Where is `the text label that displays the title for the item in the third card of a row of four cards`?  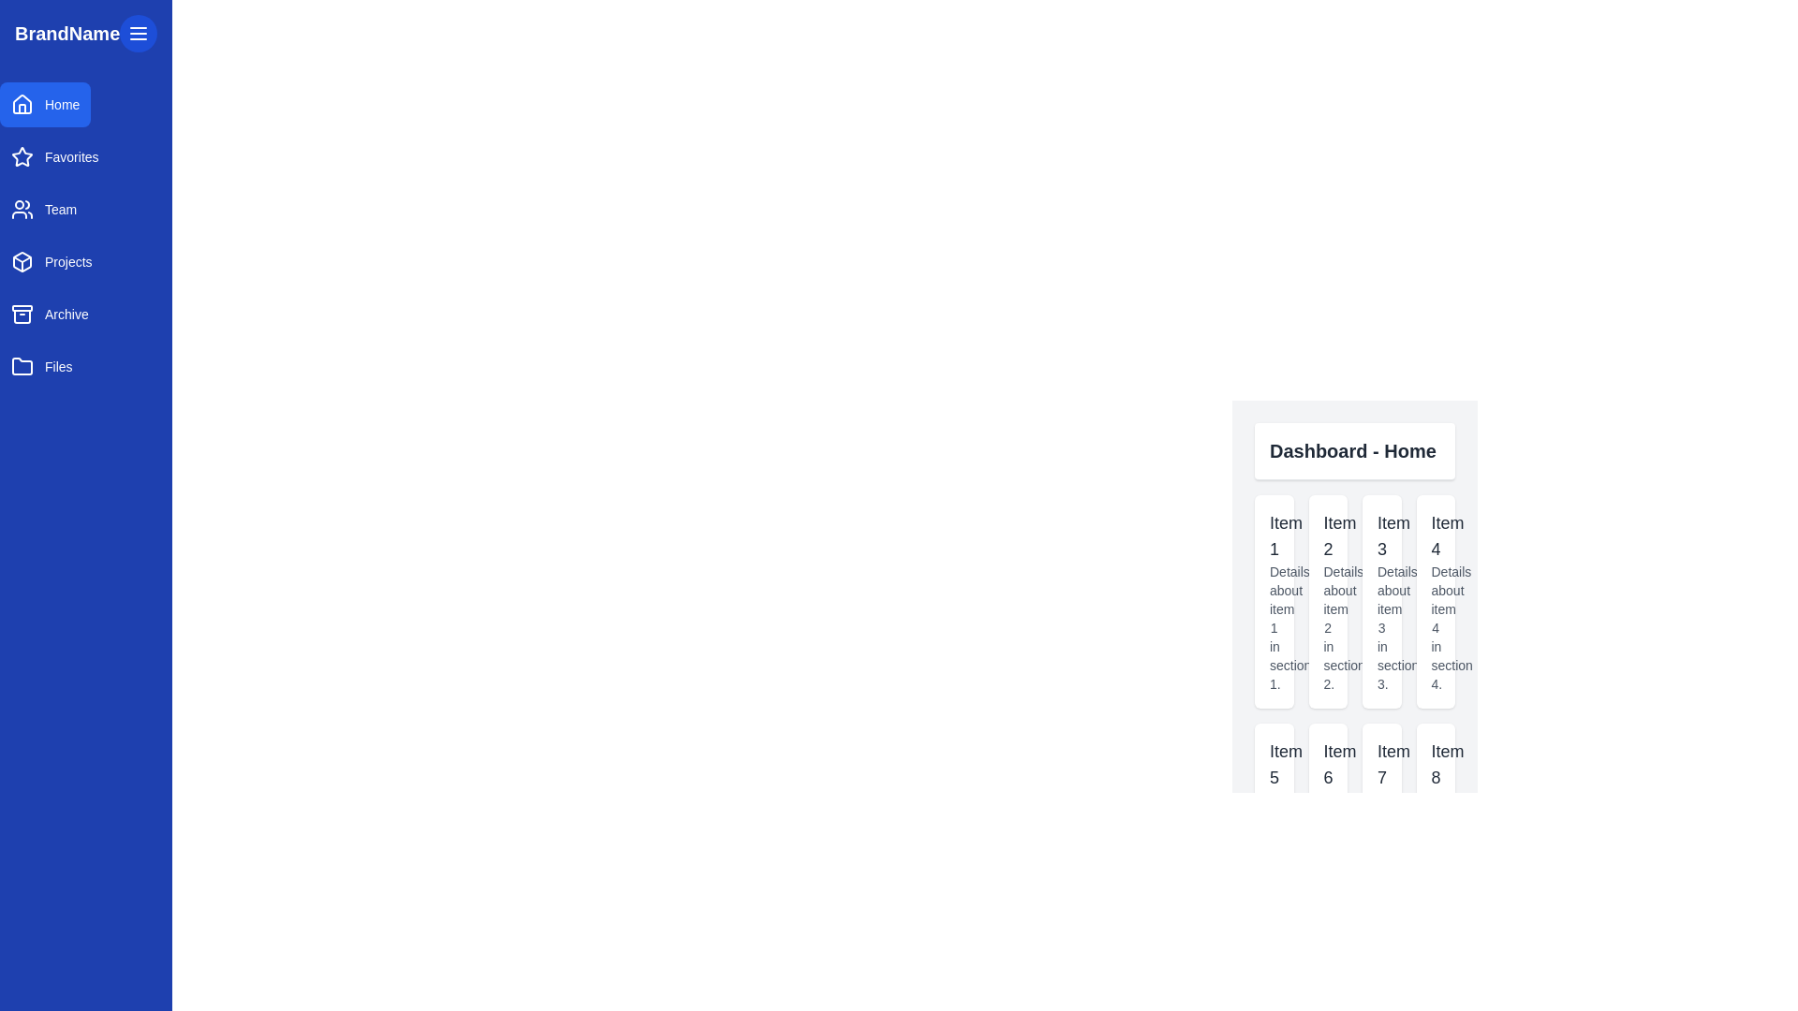
the text label that displays the title for the item in the third card of a row of four cards is located at coordinates (1381, 536).